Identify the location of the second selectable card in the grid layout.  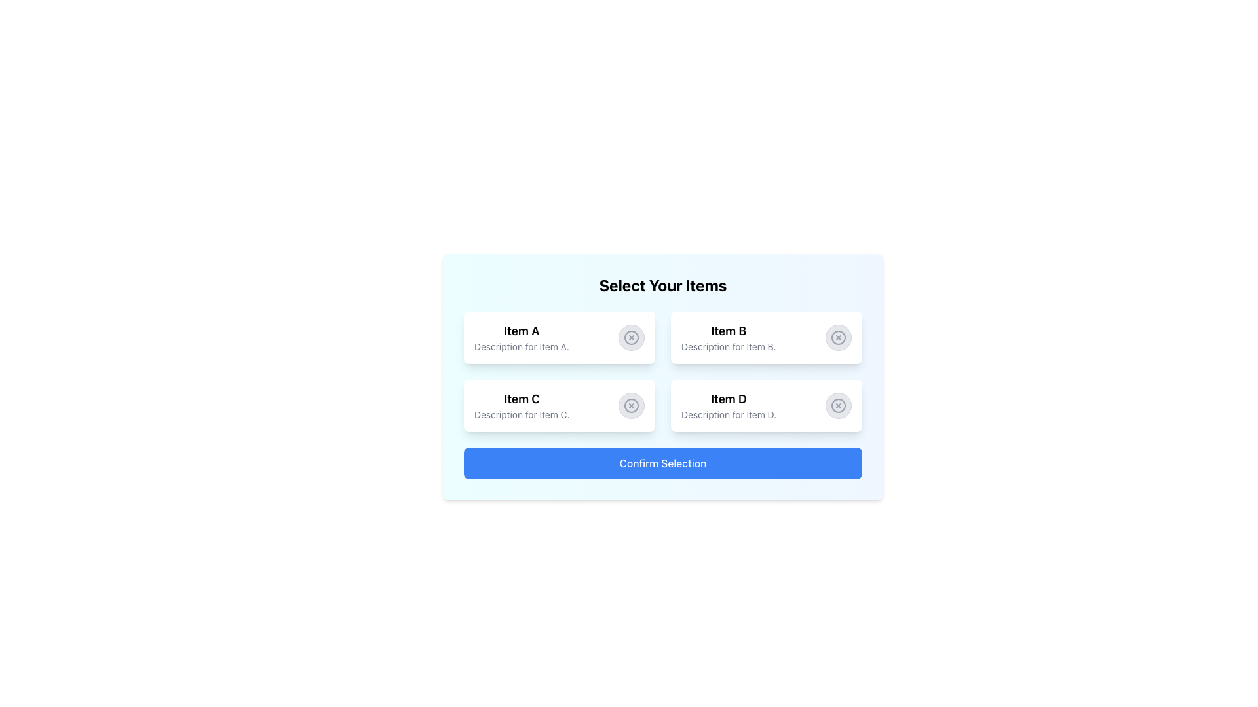
(767, 337).